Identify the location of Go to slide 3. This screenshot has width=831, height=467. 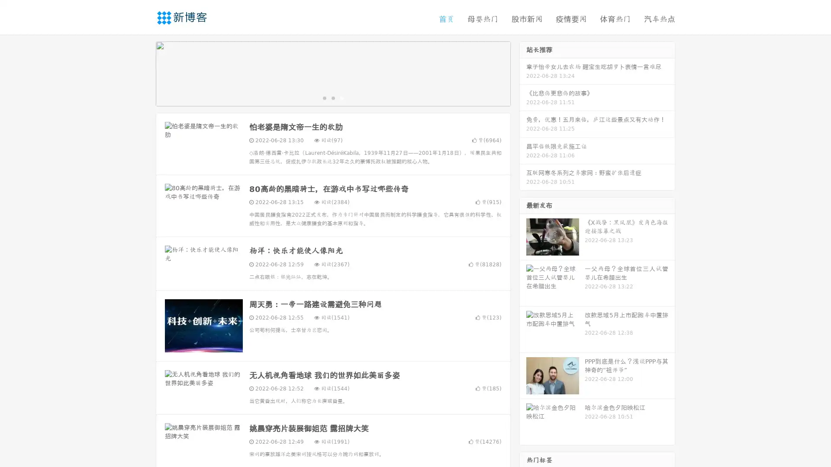
(341, 97).